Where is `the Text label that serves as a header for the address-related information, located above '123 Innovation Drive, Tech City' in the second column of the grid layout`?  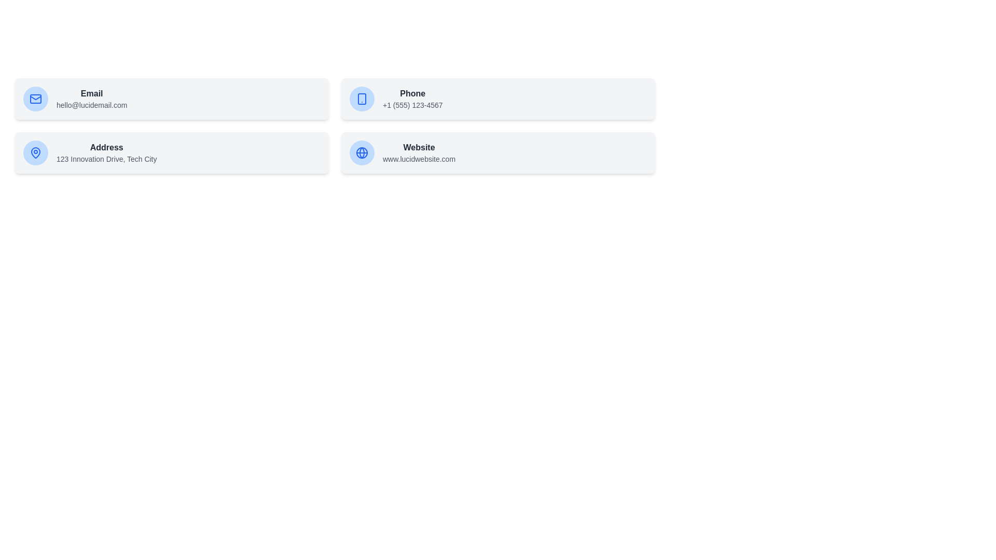 the Text label that serves as a header for the address-related information, located above '123 Innovation Drive, Tech City' in the second column of the grid layout is located at coordinates (106, 148).